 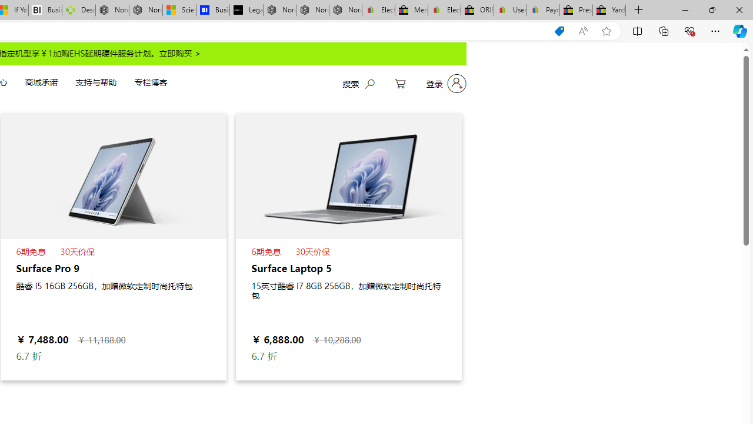 What do you see at coordinates (738, 9) in the screenshot?
I see `'Close'` at bounding box center [738, 9].